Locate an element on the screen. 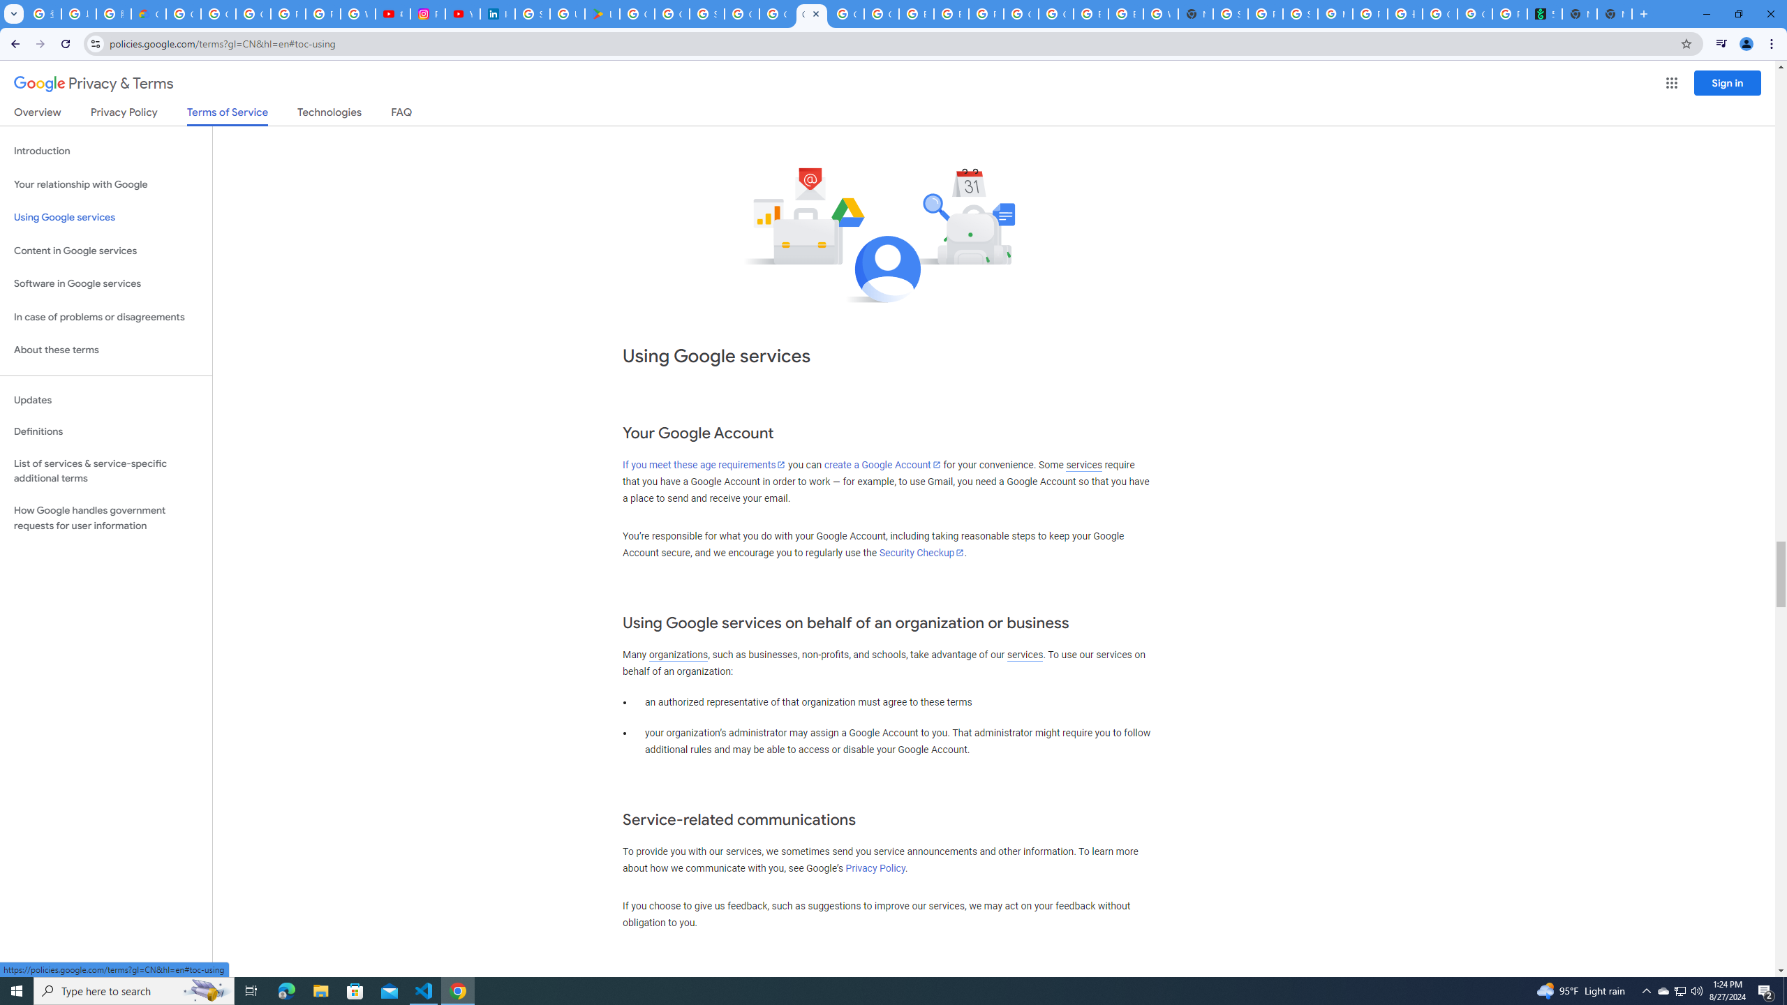 Image resolution: width=1787 pixels, height=1005 pixels. 'Security Checkup' is located at coordinates (921, 553).